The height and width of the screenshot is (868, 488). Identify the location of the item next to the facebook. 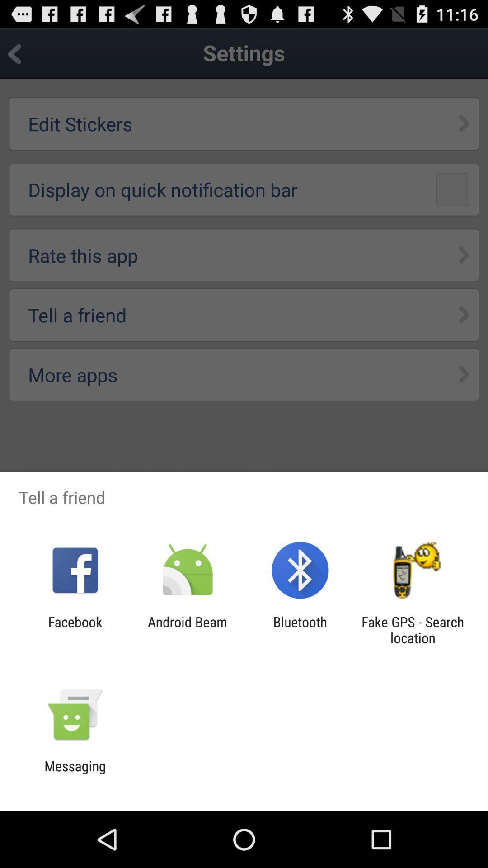
(187, 629).